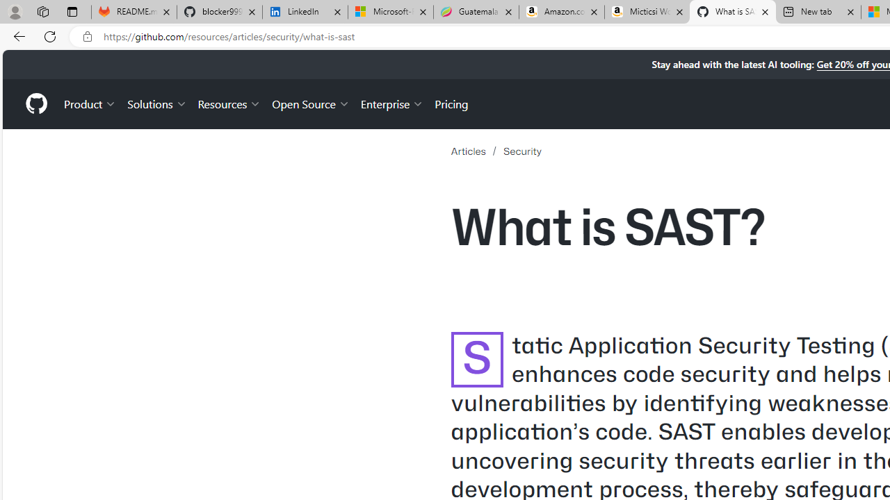 The image size is (890, 500). I want to click on 'Solutions', so click(156, 103).